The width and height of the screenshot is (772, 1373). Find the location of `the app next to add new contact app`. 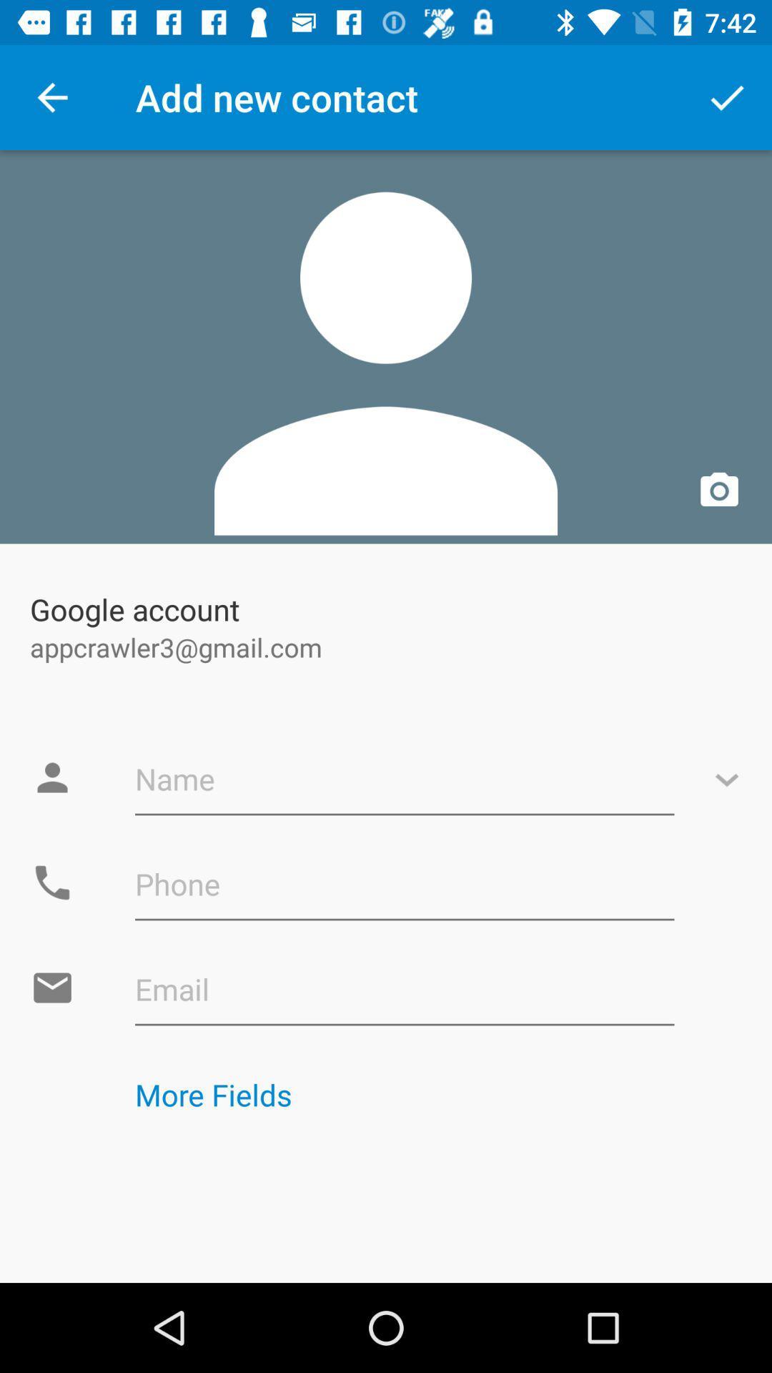

the app next to add new contact app is located at coordinates (727, 97).